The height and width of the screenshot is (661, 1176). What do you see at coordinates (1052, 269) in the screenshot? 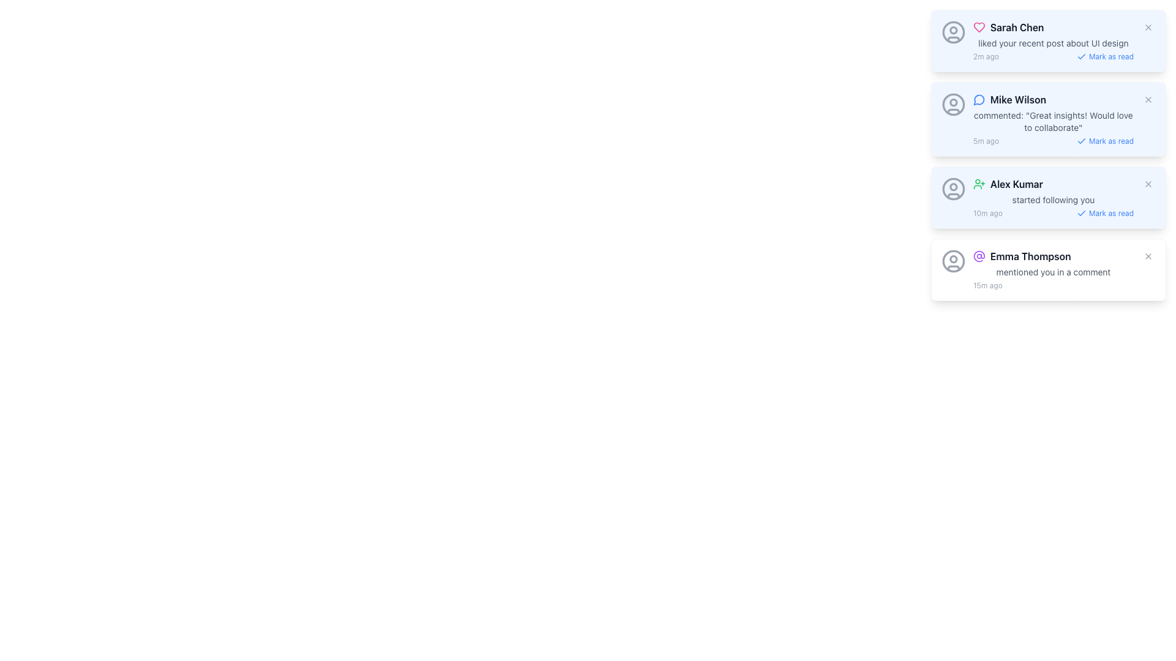
I see `the notification card for 'Emma Thompson' which mentions you in a comment` at bounding box center [1052, 269].